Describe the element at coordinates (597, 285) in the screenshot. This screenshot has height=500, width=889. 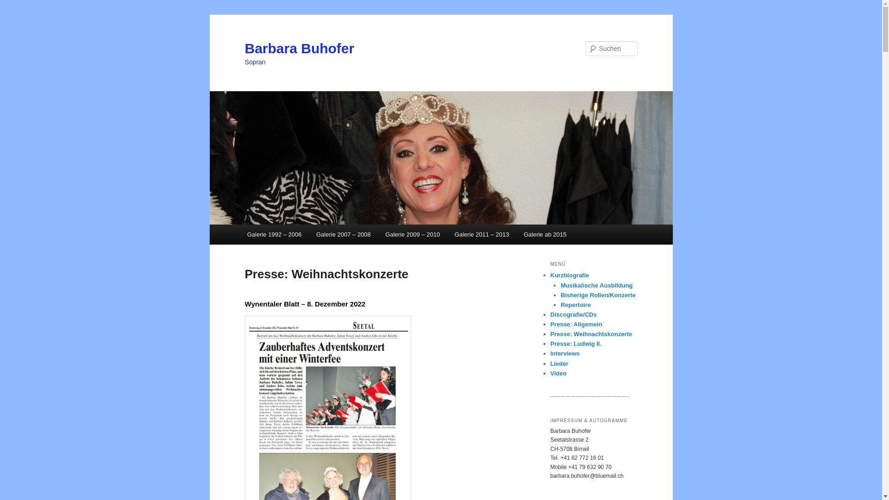
I see `'Musikalische Ausbildung'` at that location.